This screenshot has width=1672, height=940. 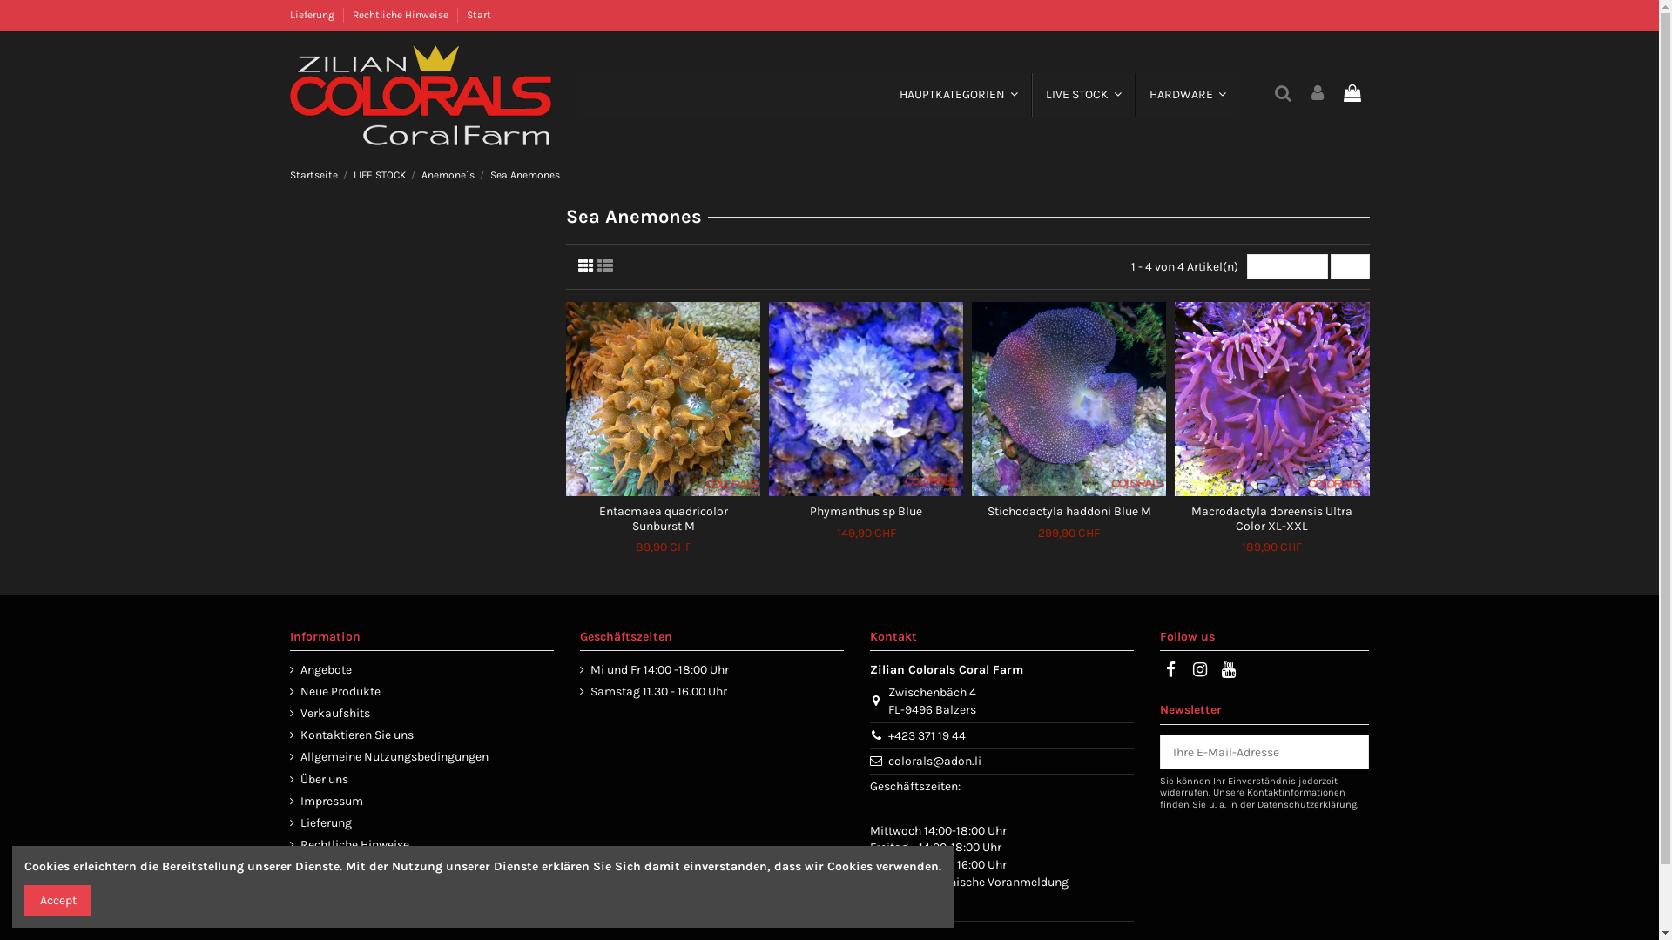 I want to click on 'Entacmaea quadricolor Sunburst M', so click(x=663, y=518).